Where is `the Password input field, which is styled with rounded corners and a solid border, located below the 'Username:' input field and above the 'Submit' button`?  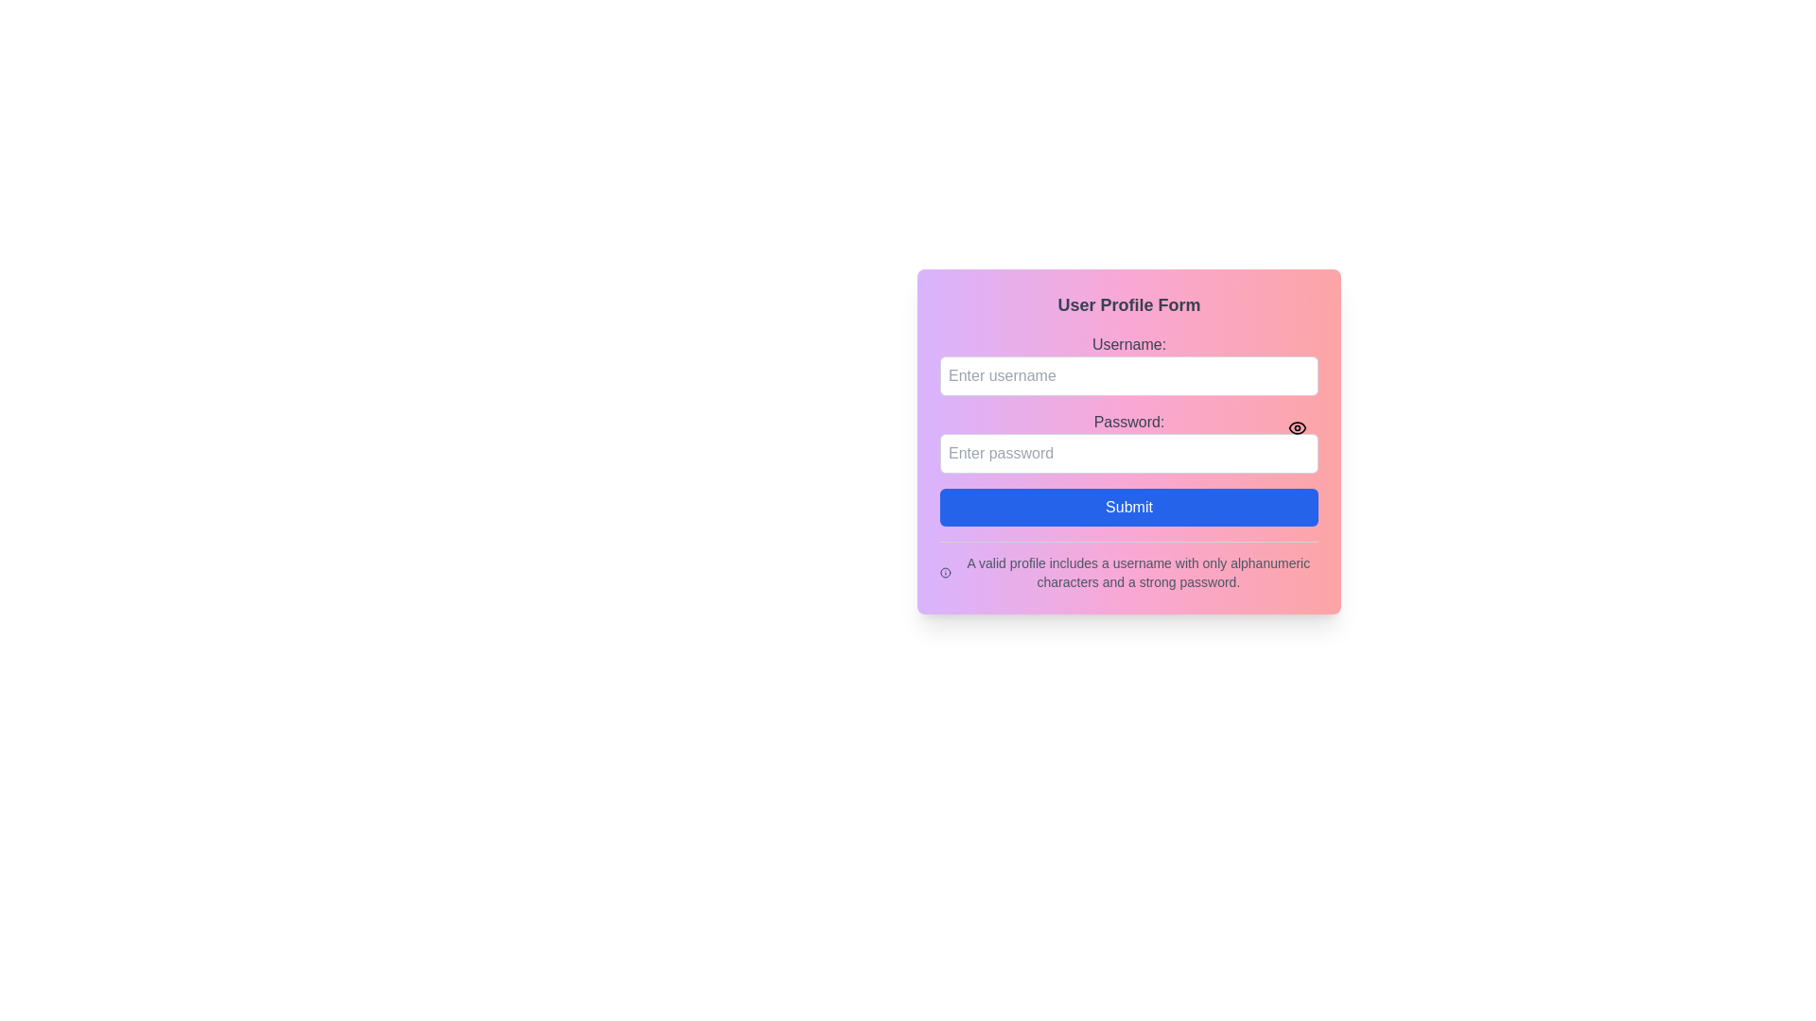
the Password input field, which is styled with rounded corners and a solid border, located below the 'Username:' input field and above the 'Submit' button is located at coordinates (1129, 441).